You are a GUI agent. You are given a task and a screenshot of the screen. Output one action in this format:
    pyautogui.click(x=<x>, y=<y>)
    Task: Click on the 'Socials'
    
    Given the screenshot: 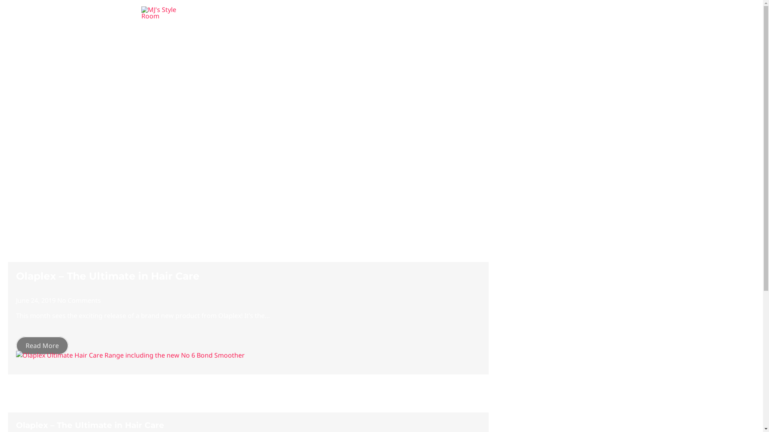 What is the action you would take?
    pyautogui.click(x=542, y=12)
    